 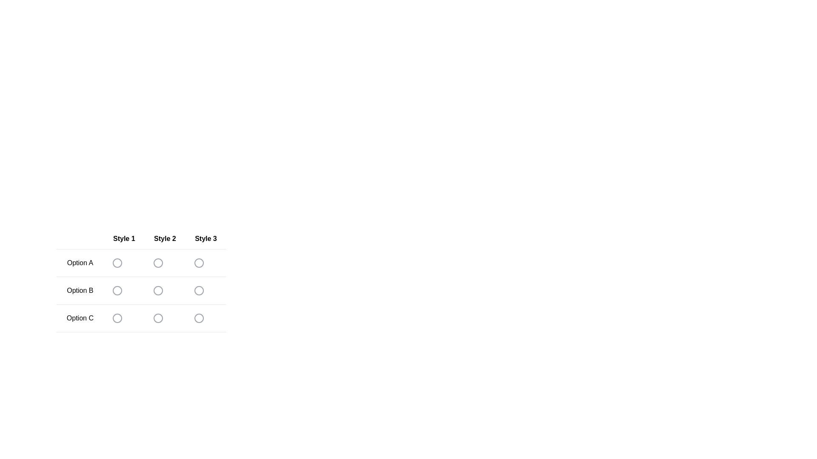 I want to click on the radio button circle located under the 'Style 3' header and aligned with the 'Option B' row, which is the second item horizontally in its row and the third item vertically in its column, so click(x=198, y=290).